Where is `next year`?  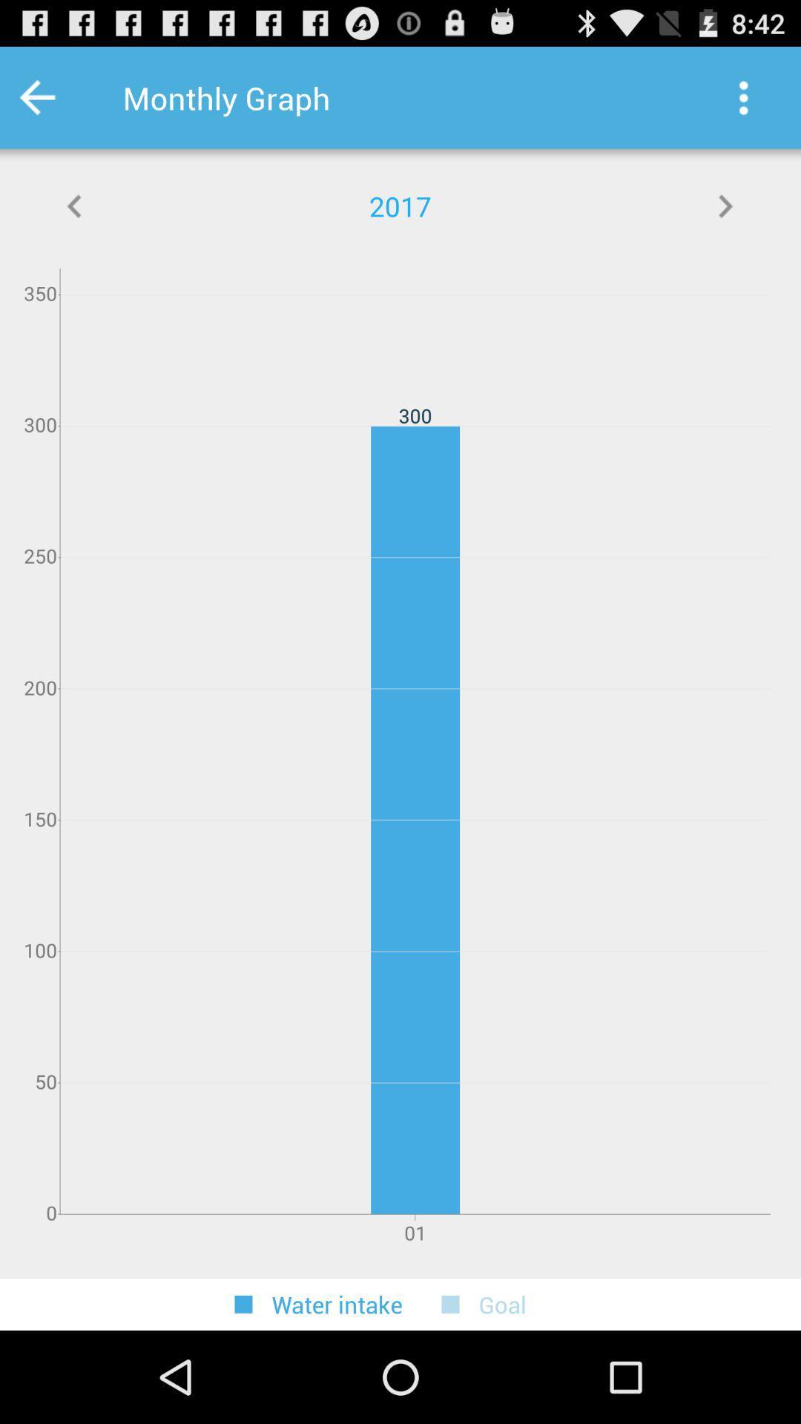 next year is located at coordinates (725, 205).